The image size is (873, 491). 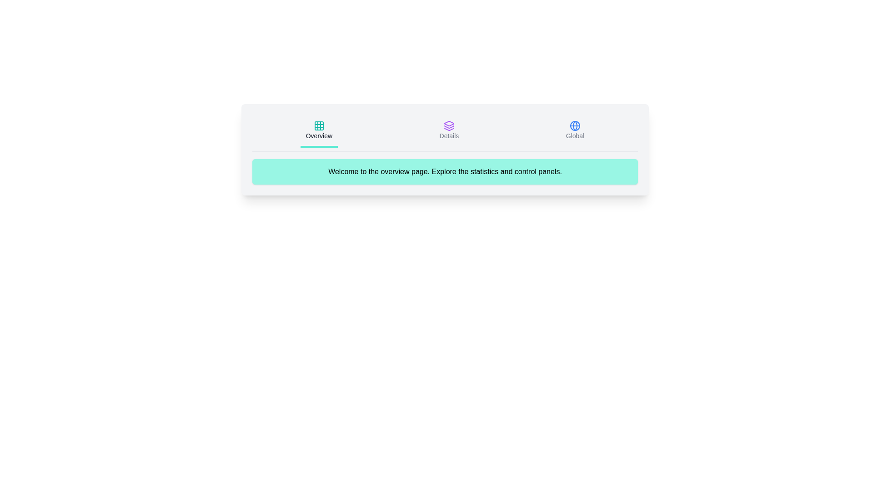 I want to click on the tab labeled Overview to switch to the corresponding tab, so click(x=318, y=131).